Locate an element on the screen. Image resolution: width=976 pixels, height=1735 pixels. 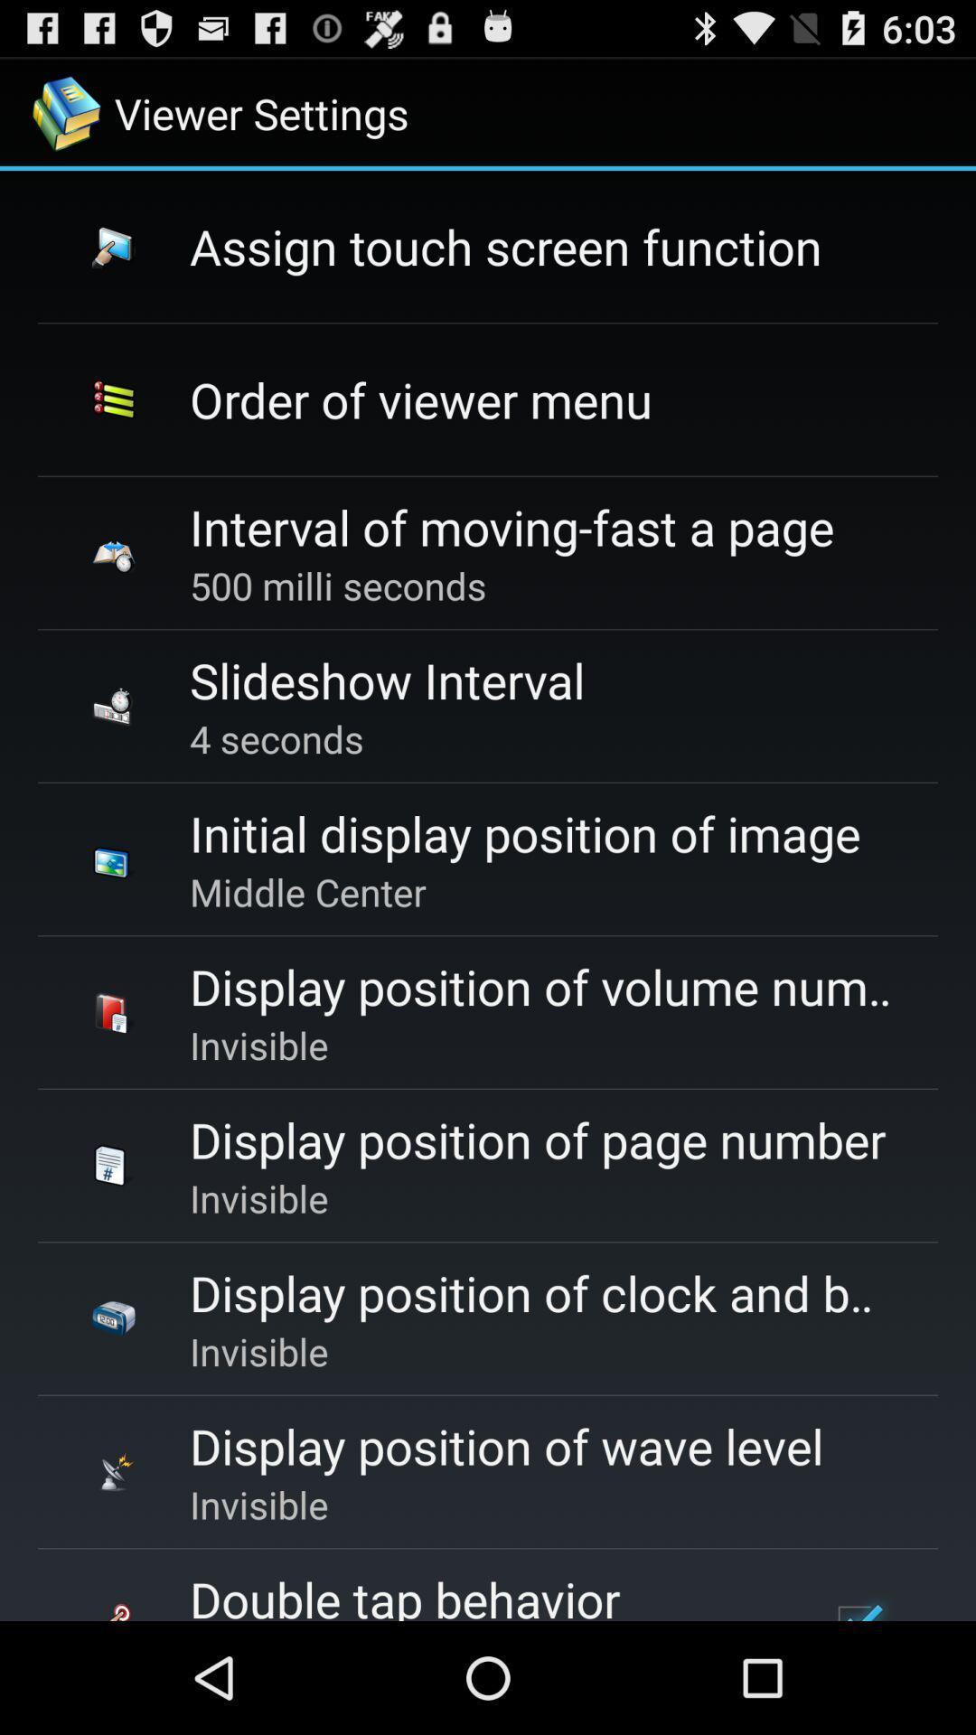
the image beside display position of page number is located at coordinates (114, 1166).